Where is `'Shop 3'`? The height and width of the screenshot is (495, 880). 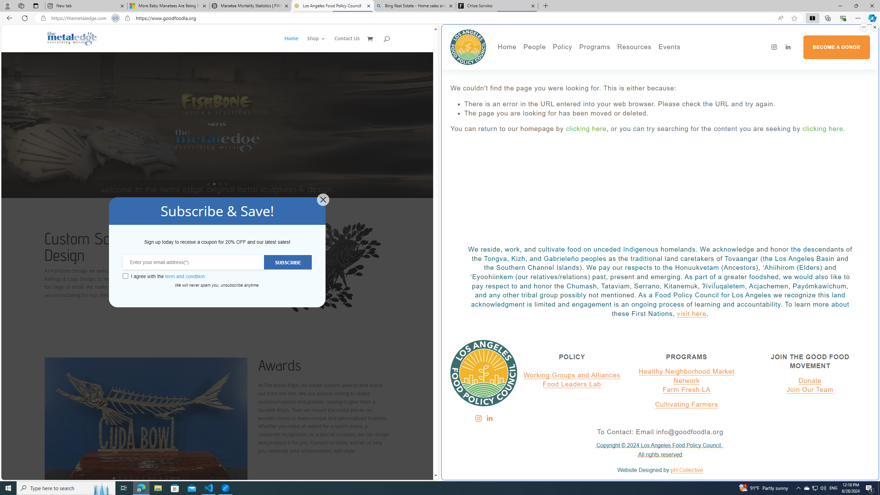 'Shop 3' is located at coordinates (316, 44).